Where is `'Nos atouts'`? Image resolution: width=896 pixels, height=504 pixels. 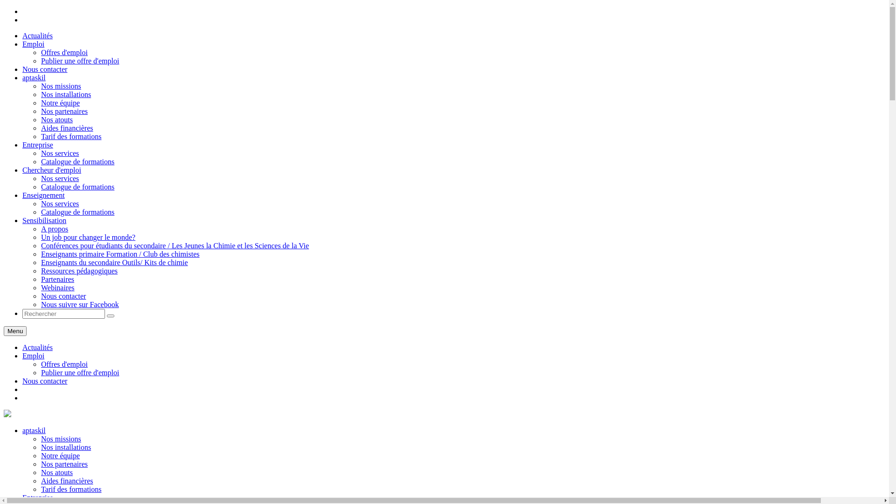
'Nos atouts' is located at coordinates (56, 472).